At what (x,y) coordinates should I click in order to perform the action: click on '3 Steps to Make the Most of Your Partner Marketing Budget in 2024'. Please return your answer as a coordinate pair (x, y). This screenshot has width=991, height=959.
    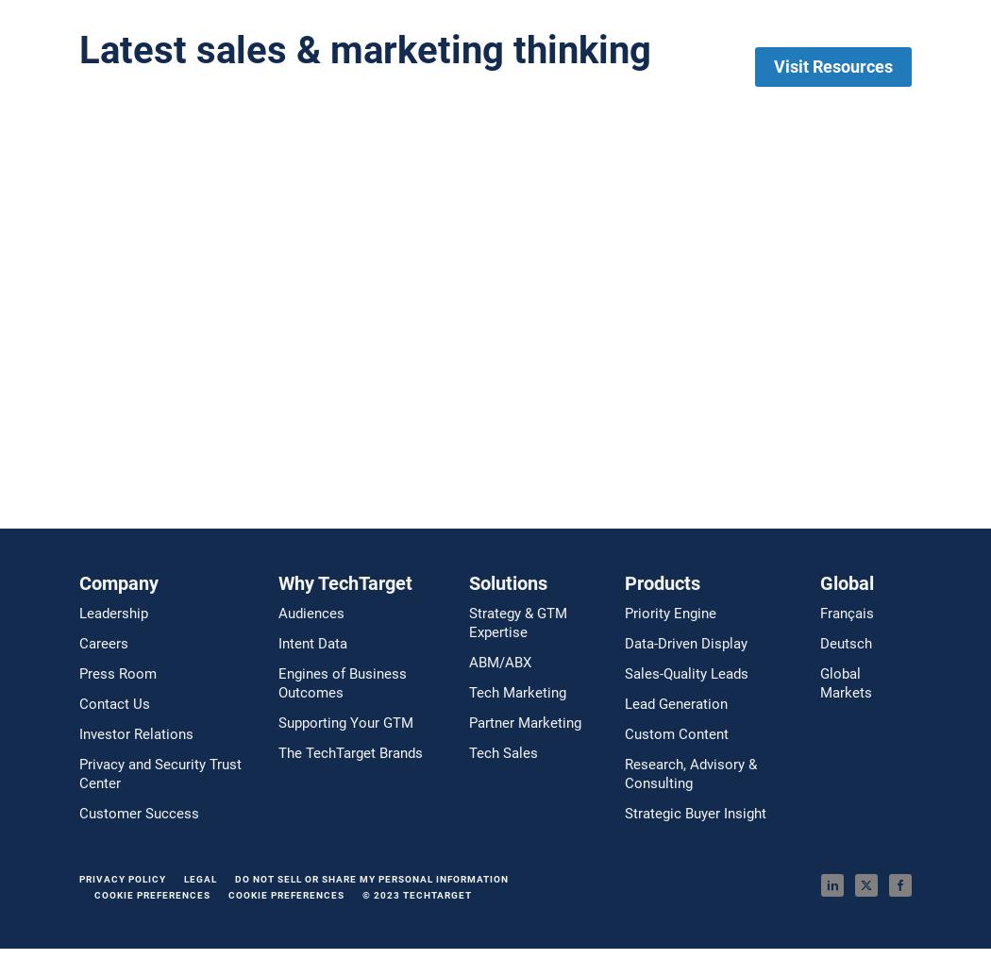
    Looking at the image, I should click on (325, 342).